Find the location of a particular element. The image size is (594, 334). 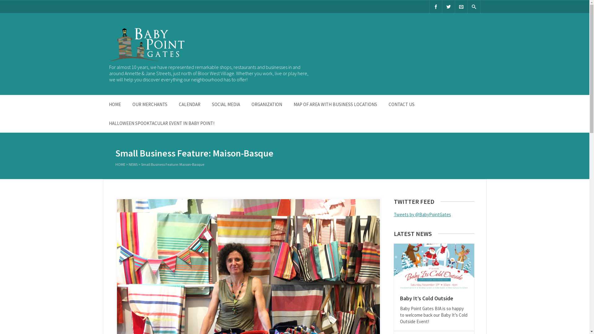

'CALENDAR' is located at coordinates (189, 104).